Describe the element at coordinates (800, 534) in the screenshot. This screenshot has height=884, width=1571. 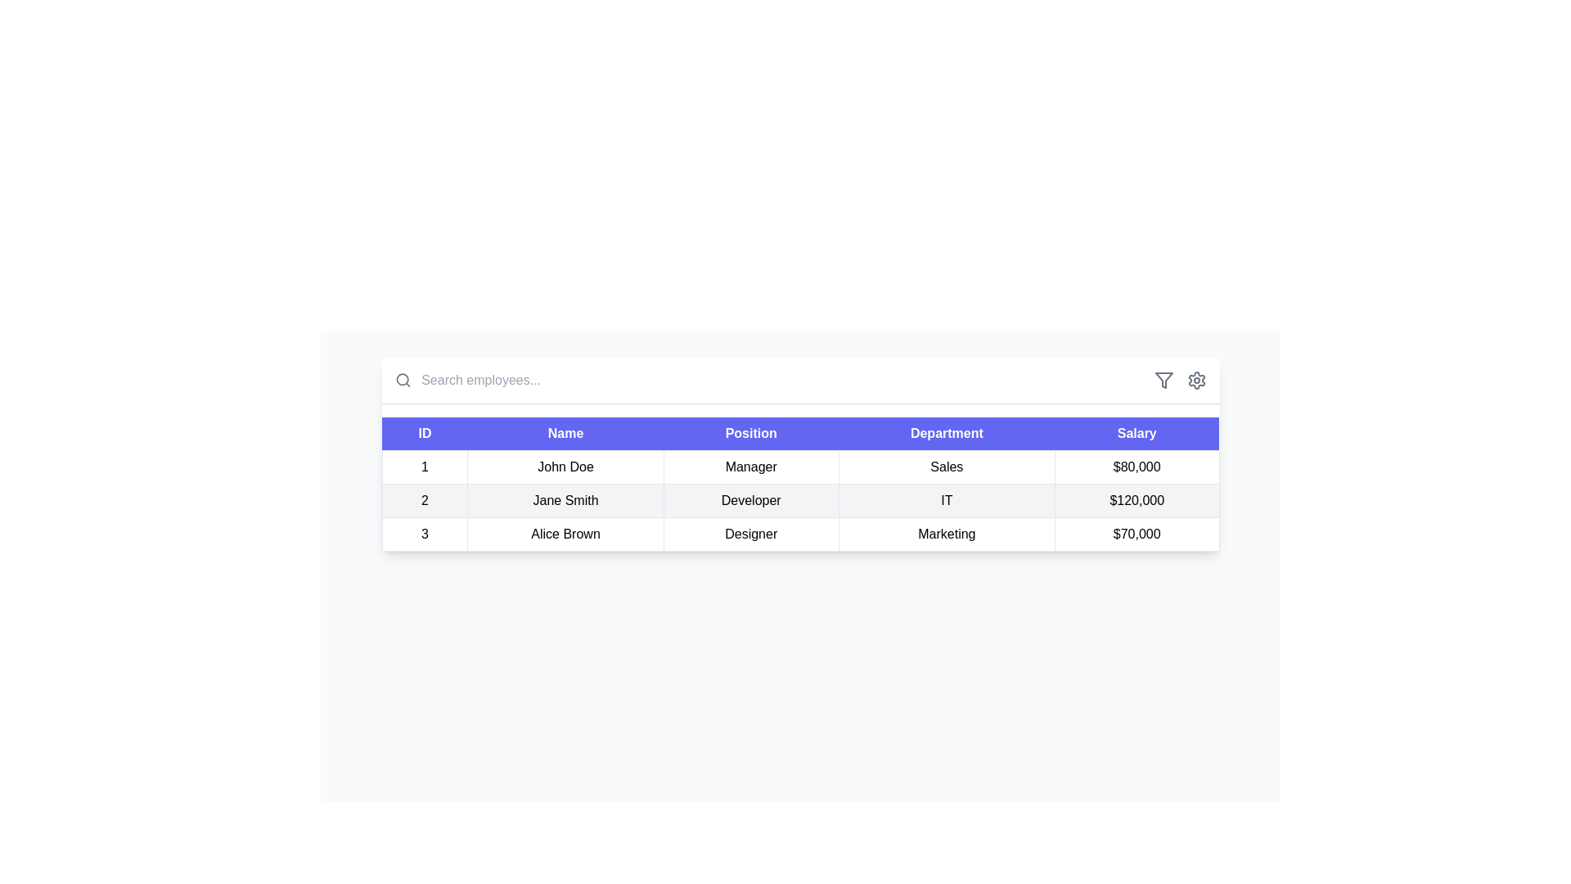
I see `the third row` at that location.